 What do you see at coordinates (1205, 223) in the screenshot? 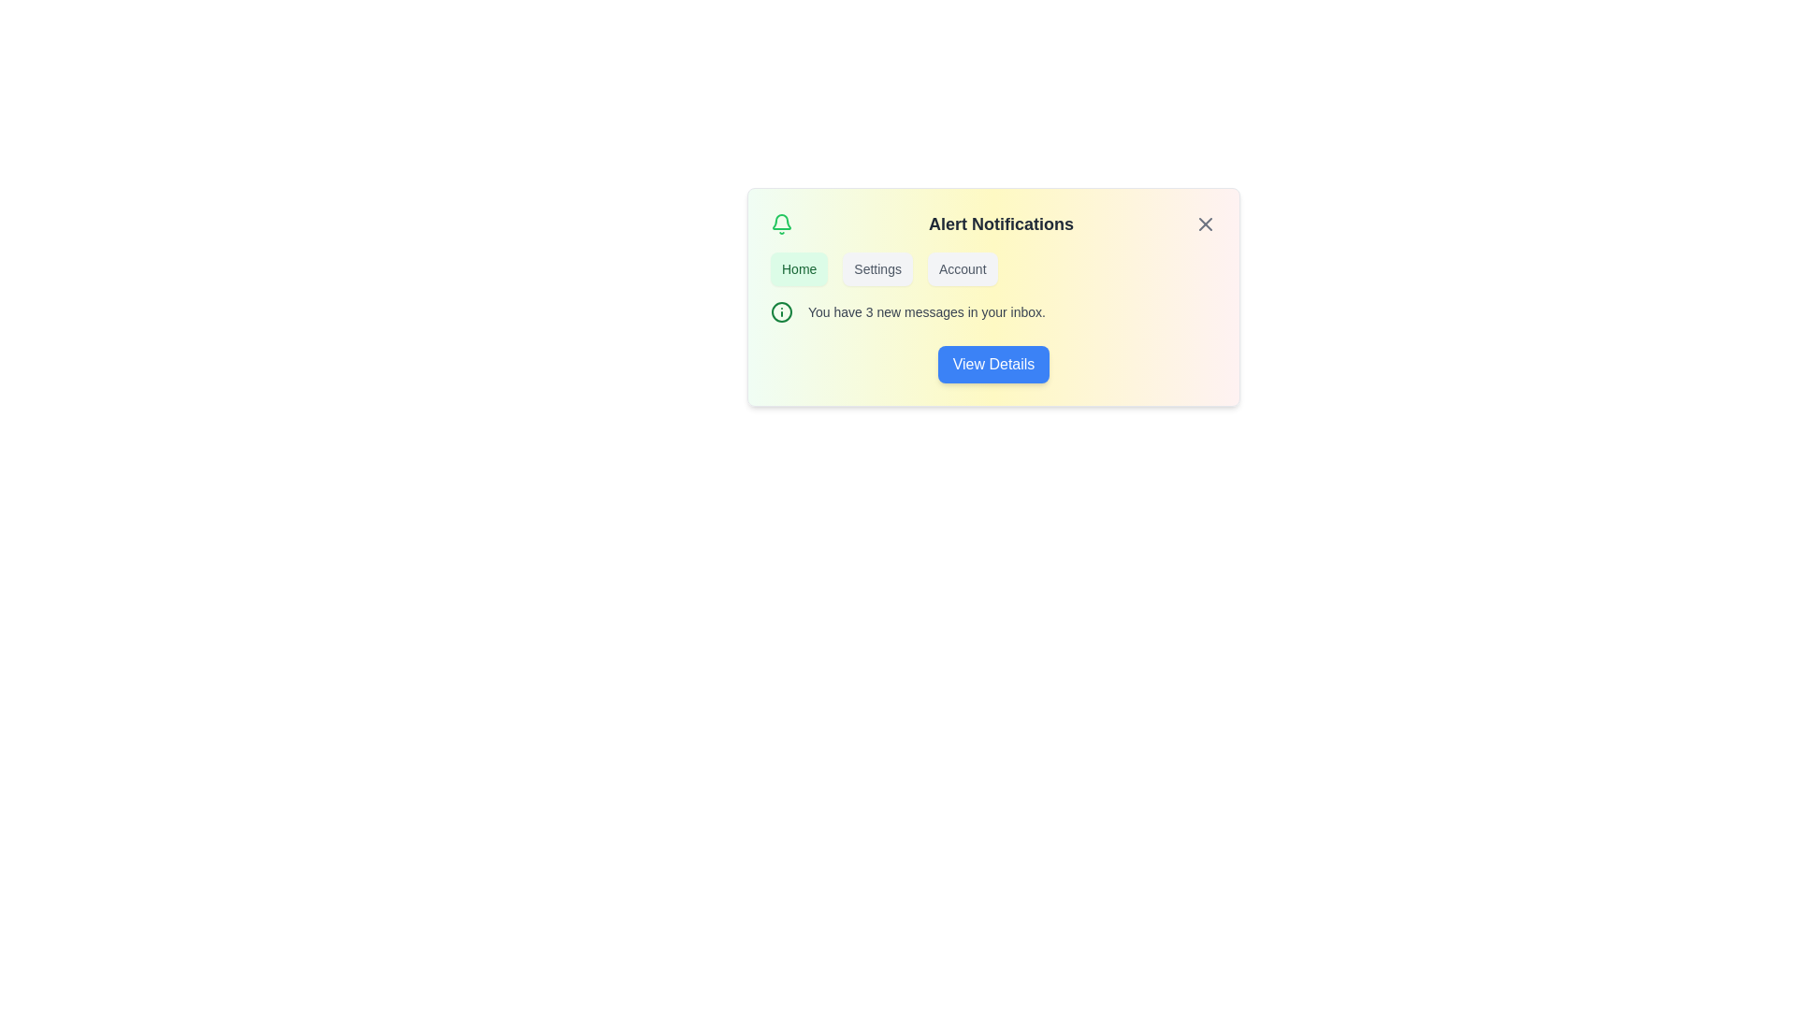
I see `the close button to dismiss the alert` at bounding box center [1205, 223].